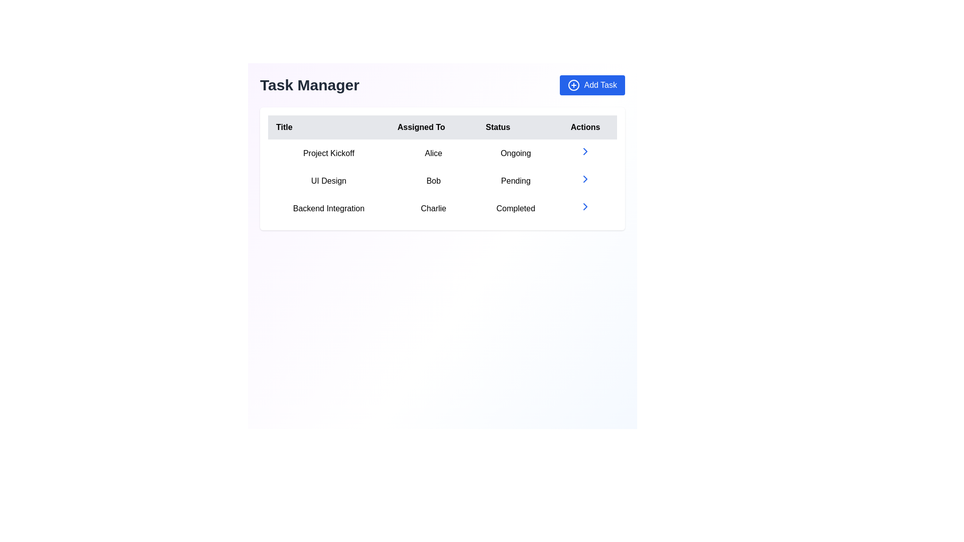 This screenshot has width=964, height=542. I want to click on the static text displaying 'Project Kickoff' located in the first row under the 'Title' column of the table interface, so click(328, 153).